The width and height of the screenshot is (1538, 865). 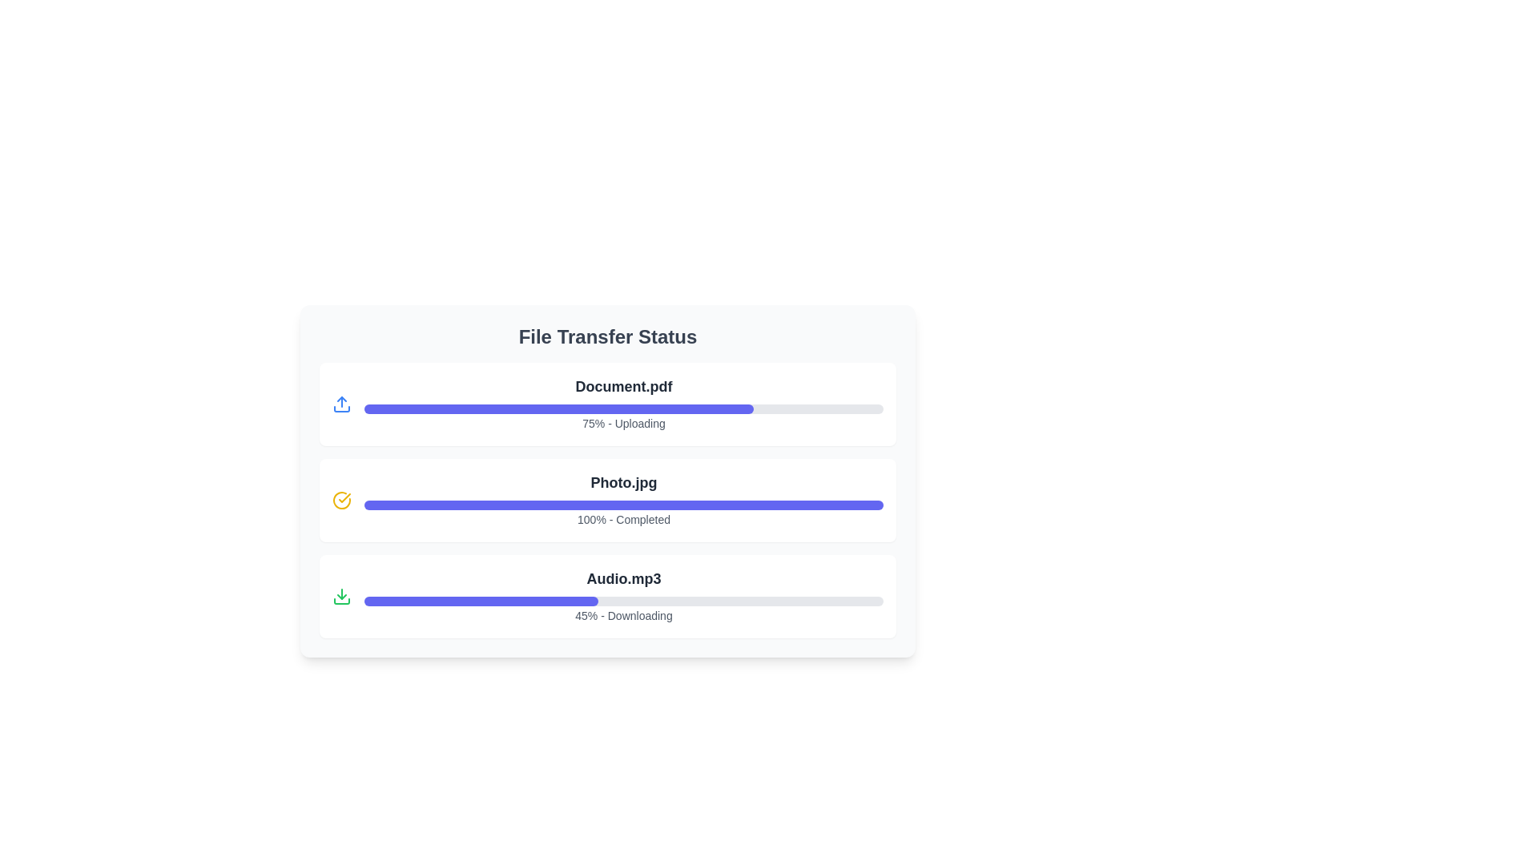 What do you see at coordinates (480, 601) in the screenshot?
I see `the indigo-filled progress bar segment representing the fractional progression of the 'Audio.mp3' process, located below its label and icon` at bounding box center [480, 601].